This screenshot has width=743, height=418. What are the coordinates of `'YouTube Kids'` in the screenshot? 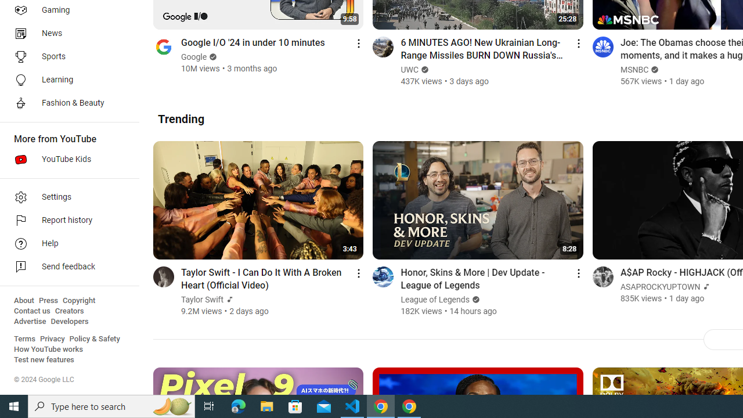 It's located at (65, 160).